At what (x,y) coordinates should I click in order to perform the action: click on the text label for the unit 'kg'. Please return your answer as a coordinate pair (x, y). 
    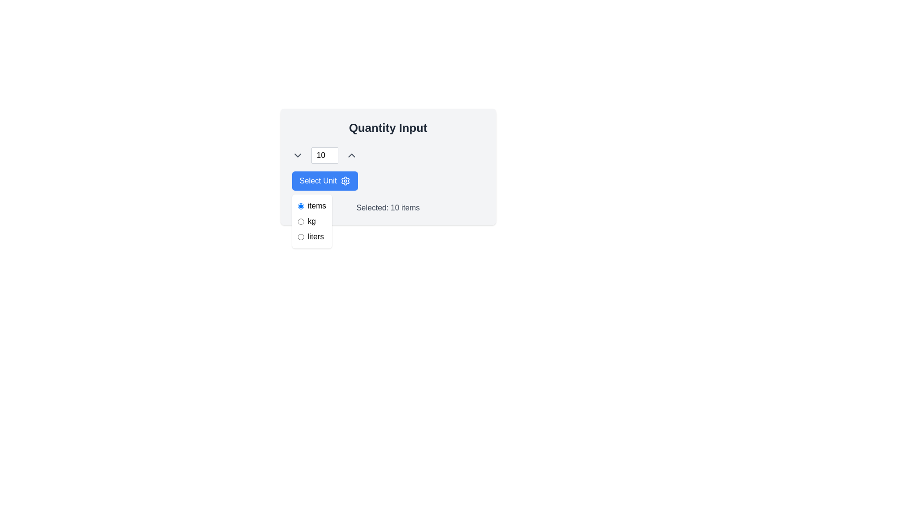
    Looking at the image, I should click on (312, 221).